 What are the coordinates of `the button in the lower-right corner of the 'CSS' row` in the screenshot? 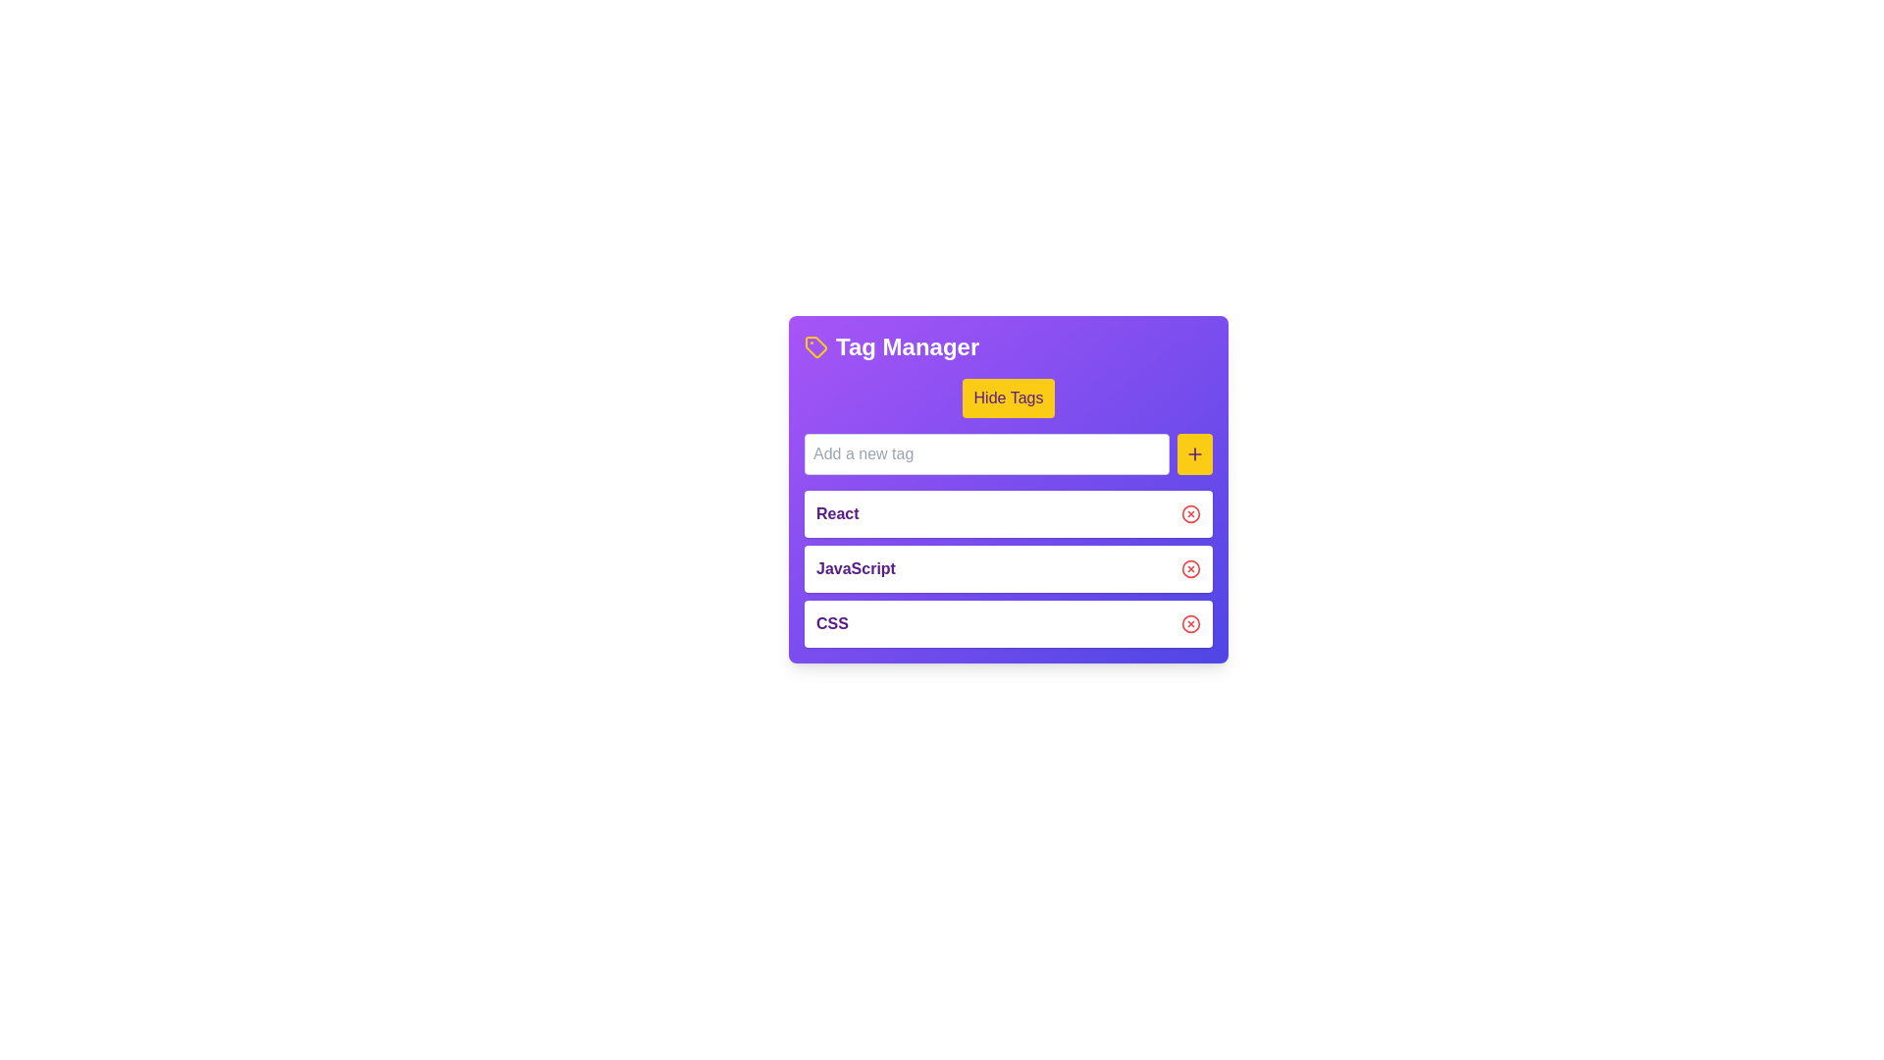 It's located at (1190, 624).